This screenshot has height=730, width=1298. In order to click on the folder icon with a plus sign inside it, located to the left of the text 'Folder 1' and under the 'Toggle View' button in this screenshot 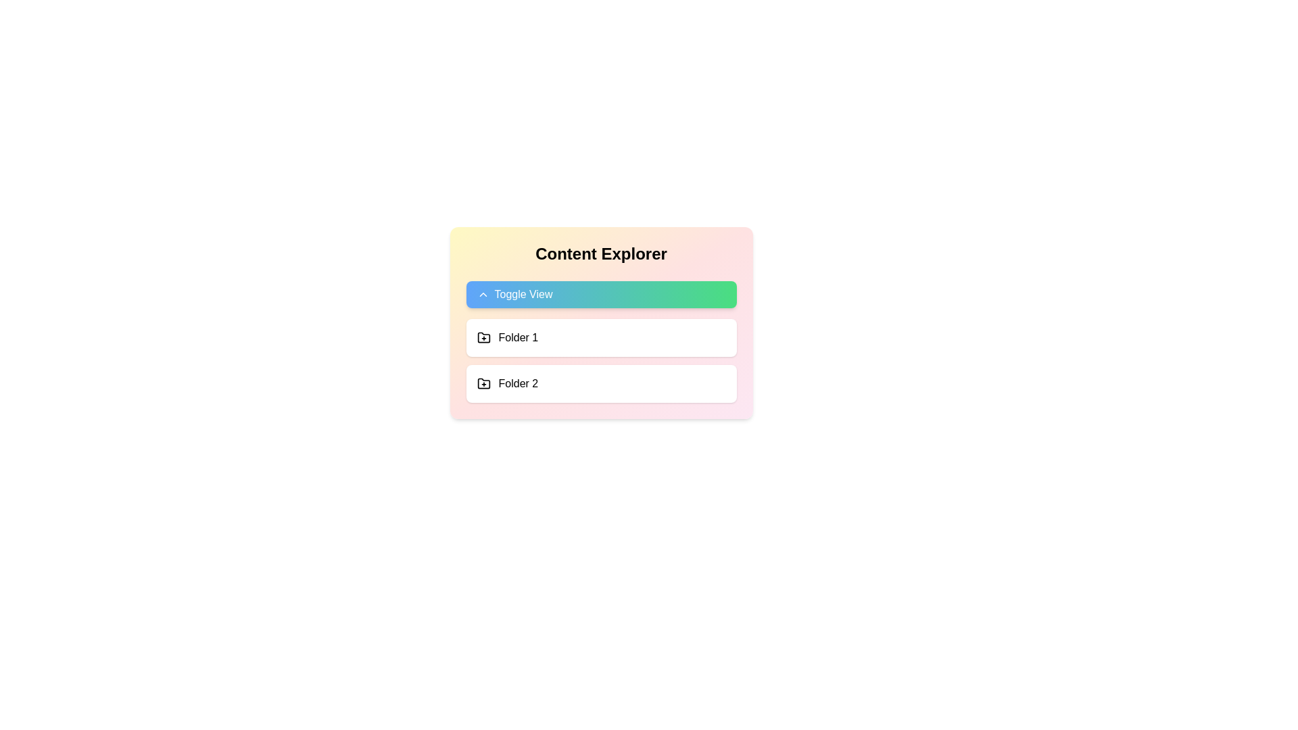, I will do `click(483, 337)`.